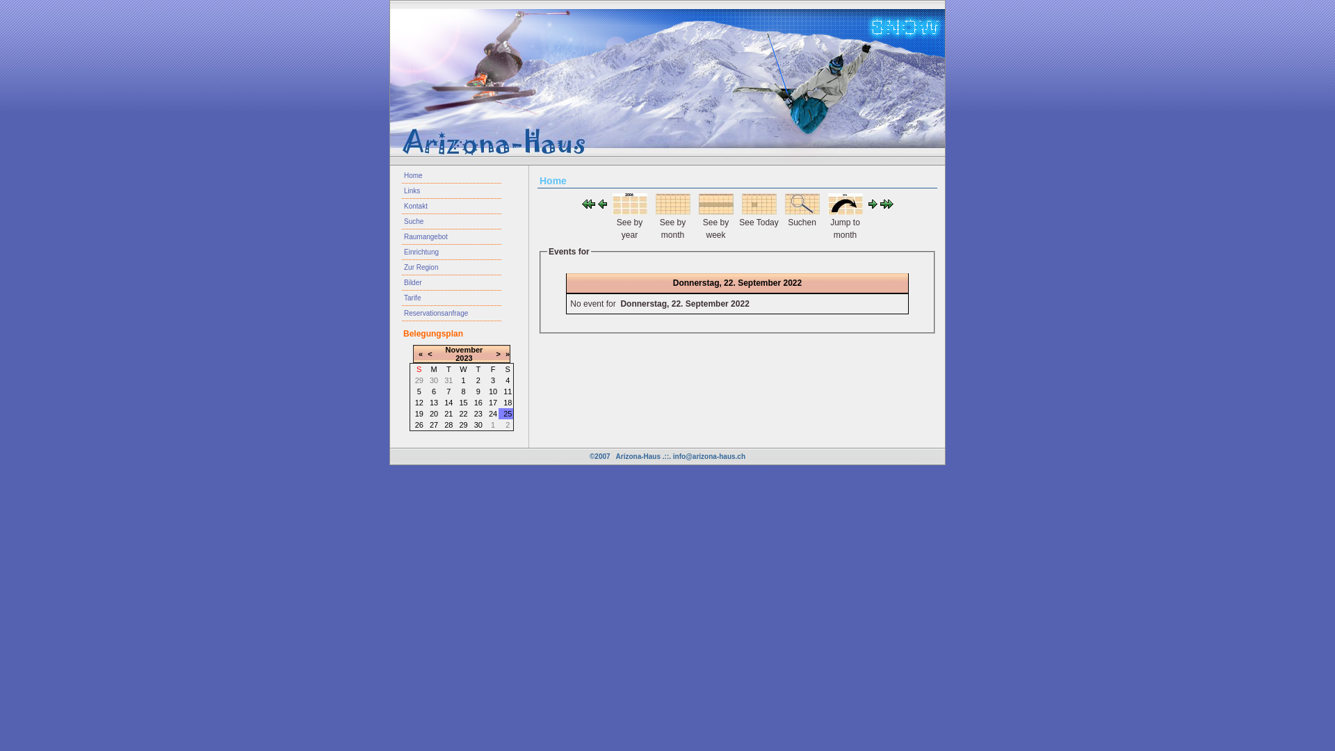 The image size is (1335, 751). Describe the element at coordinates (715, 211) in the screenshot. I see `'See by week'` at that location.